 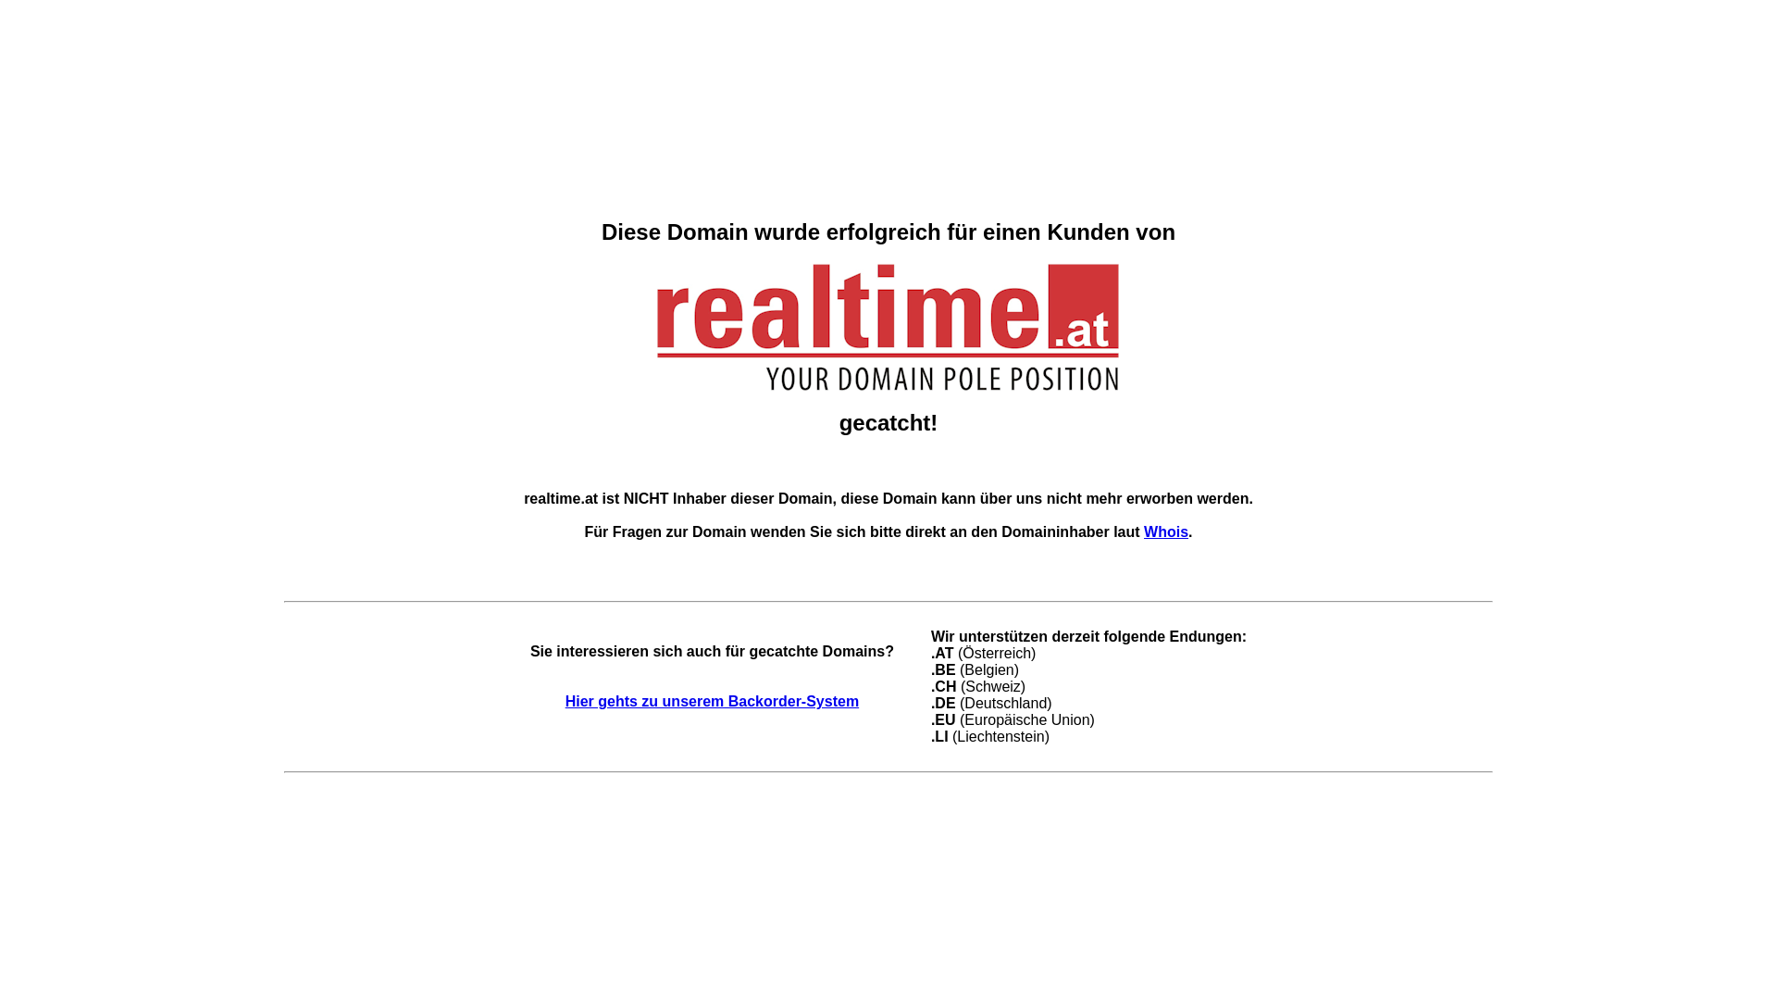 I want to click on 'Whois', so click(x=1143, y=531).